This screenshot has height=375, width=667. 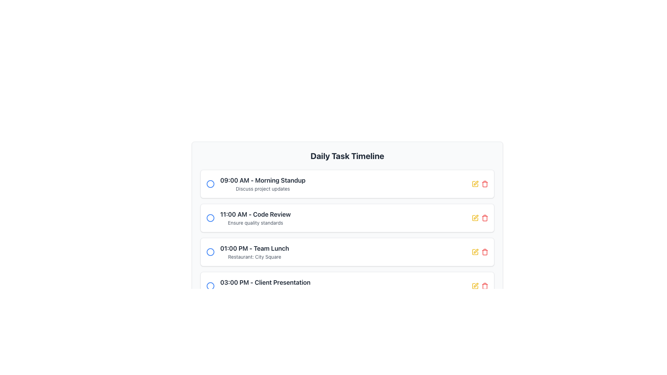 I want to click on the circular marker indicating the third entry in the list associated with '01:00 PM - Team Lunch' and 'Restaurant: City Square', so click(x=210, y=252).